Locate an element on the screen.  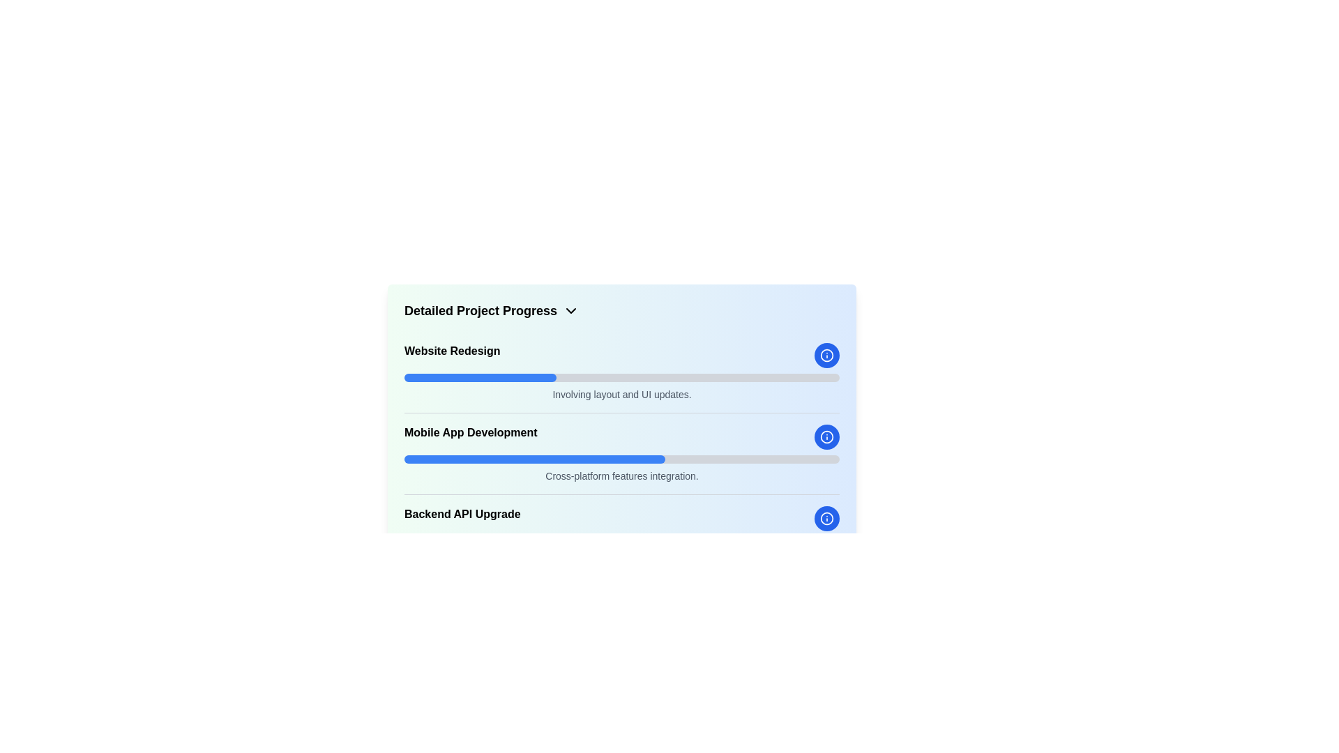
the blue circular icon with a central white circle, located on the right side of the 'Mobile App Development' task row is located at coordinates (826, 436).